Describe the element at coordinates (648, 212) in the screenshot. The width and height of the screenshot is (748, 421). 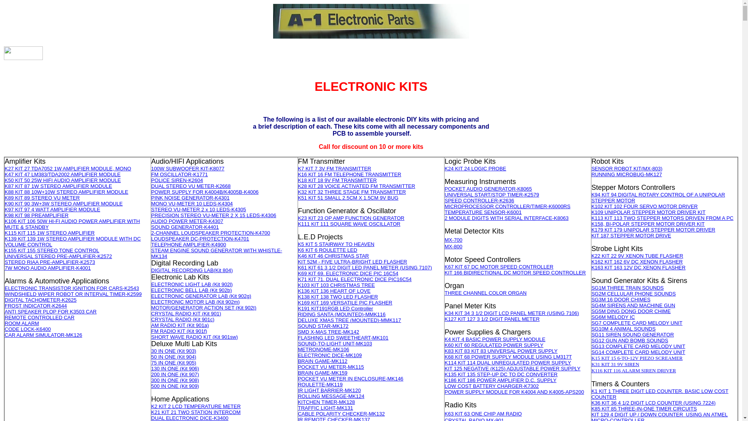
I see `'K109 UNIPOLAR STEPPER MOTOR DRIVER KIT'` at that location.